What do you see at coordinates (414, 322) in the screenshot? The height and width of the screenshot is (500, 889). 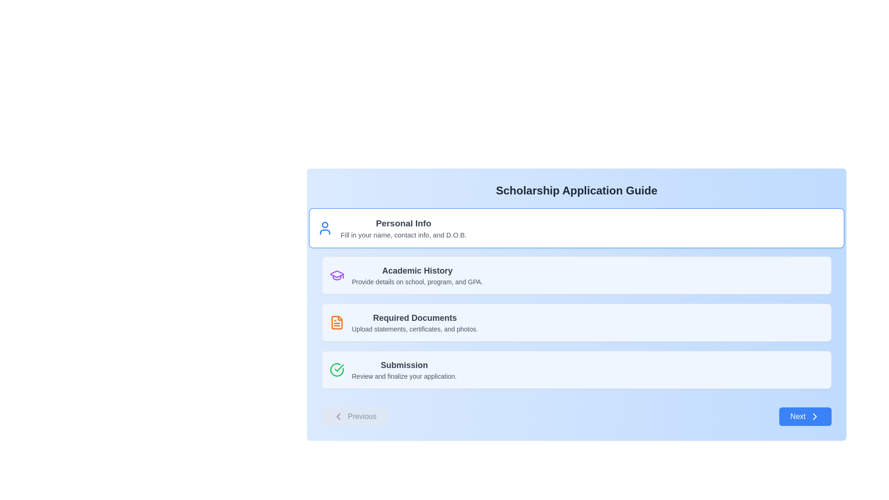 I see `the informational text group that serves as a header and description for the 'Required Documents' section to understand the instructions for uploading necessary documents` at bounding box center [414, 322].